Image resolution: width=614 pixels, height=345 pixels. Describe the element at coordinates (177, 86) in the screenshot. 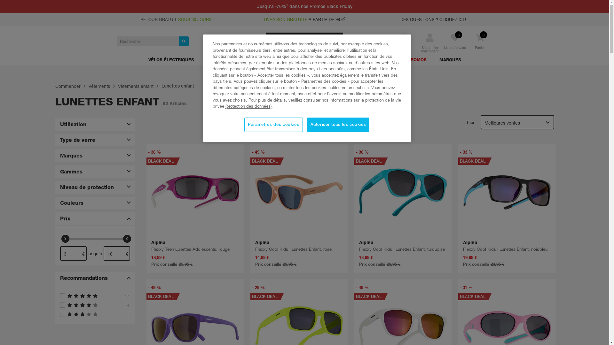

I see `'Lunettes enfant'` at that location.